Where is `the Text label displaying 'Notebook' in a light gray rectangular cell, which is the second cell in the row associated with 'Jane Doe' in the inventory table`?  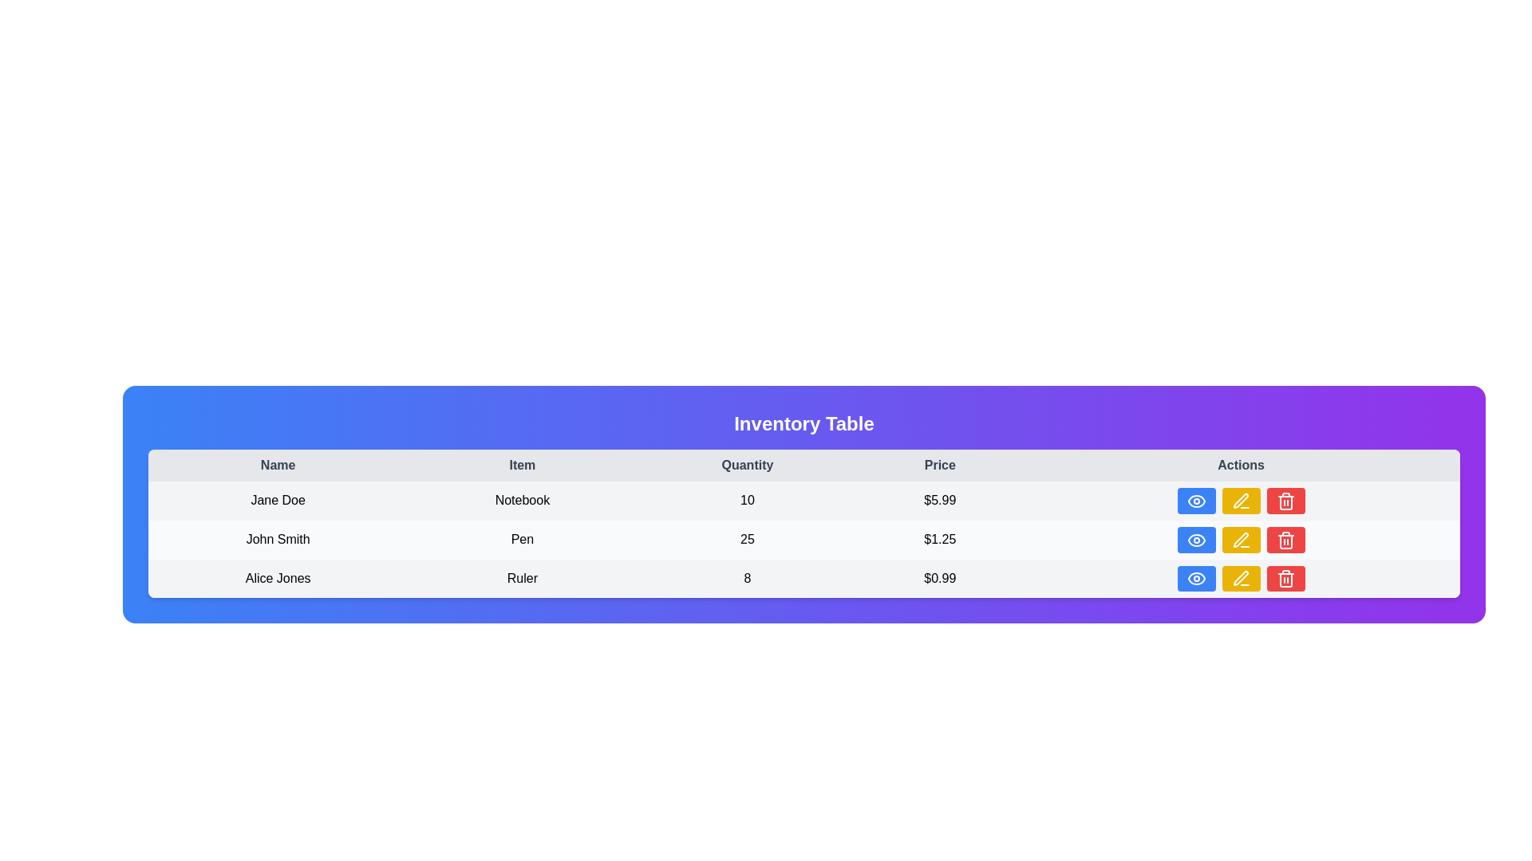 the Text label displaying 'Notebook' in a light gray rectangular cell, which is the second cell in the row associated with 'Jane Doe' in the inventory table is located at coordinates (522, 500).